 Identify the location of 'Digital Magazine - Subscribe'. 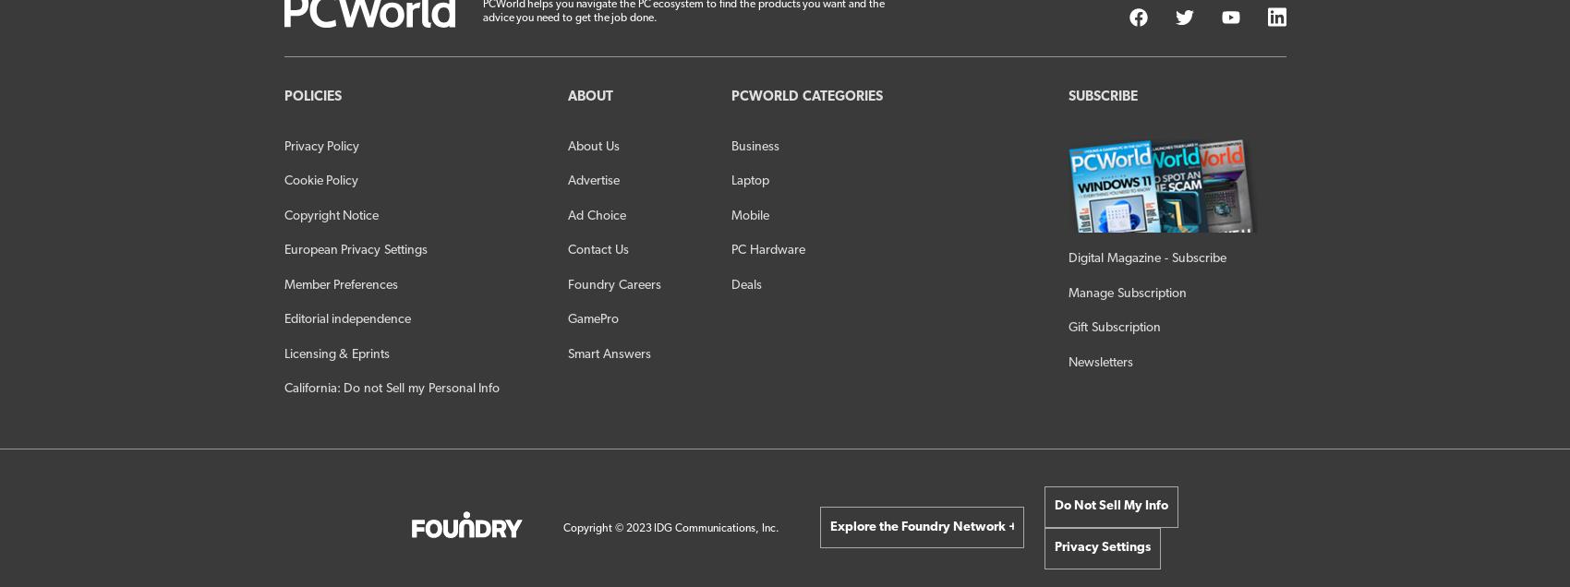
(1146, 258).